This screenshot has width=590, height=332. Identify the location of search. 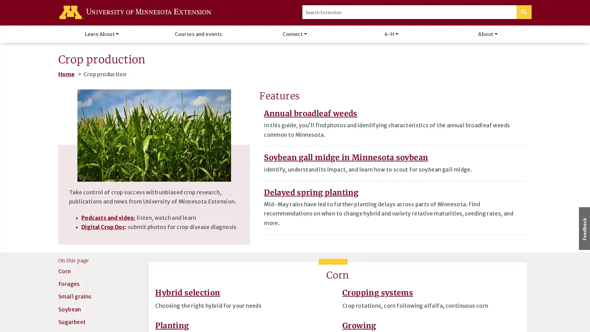
(524, 12).